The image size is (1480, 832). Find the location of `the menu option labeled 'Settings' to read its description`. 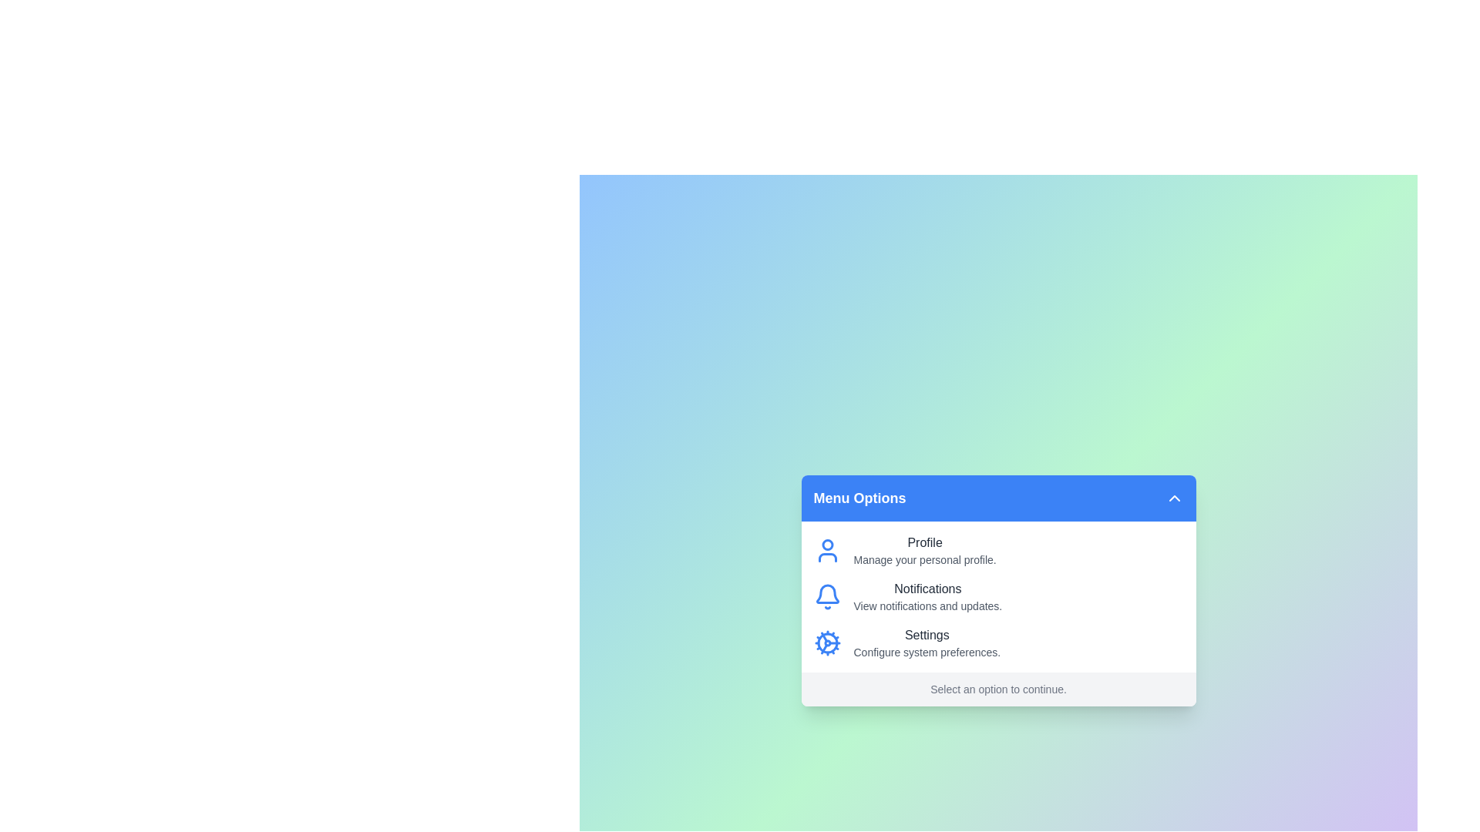

the menu option labeled 'Settings' to read its description is located at coordinates (925, 642).